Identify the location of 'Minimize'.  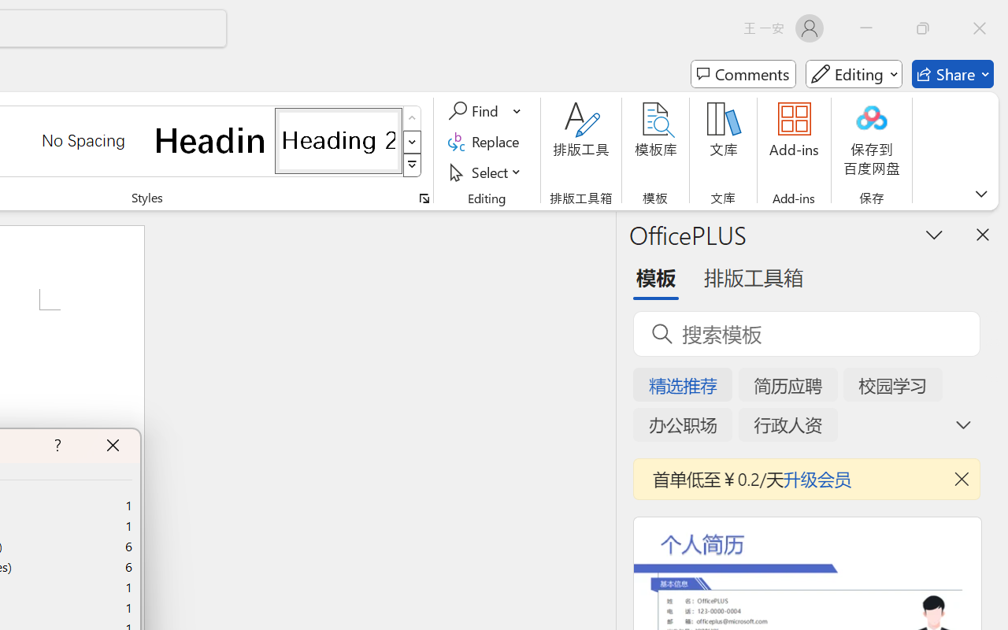
(865, 28).